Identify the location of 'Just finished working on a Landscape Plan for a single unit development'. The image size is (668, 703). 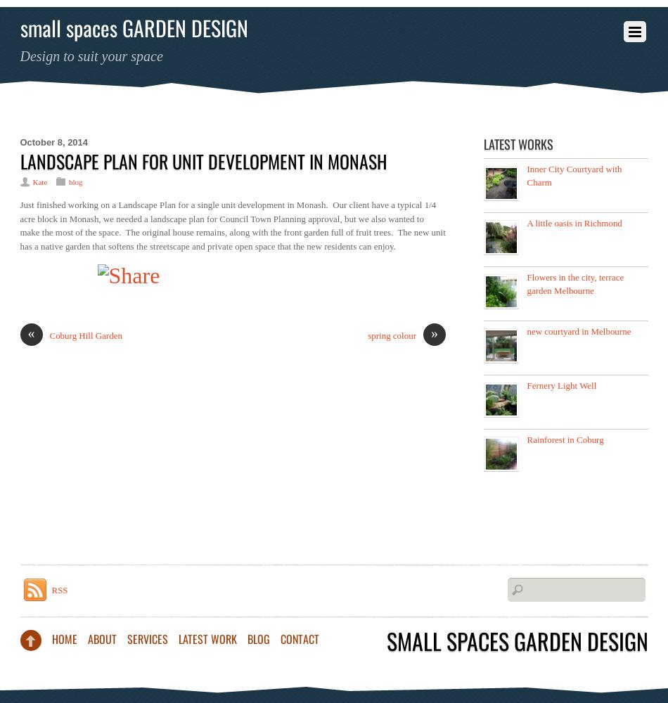
(152, 205).